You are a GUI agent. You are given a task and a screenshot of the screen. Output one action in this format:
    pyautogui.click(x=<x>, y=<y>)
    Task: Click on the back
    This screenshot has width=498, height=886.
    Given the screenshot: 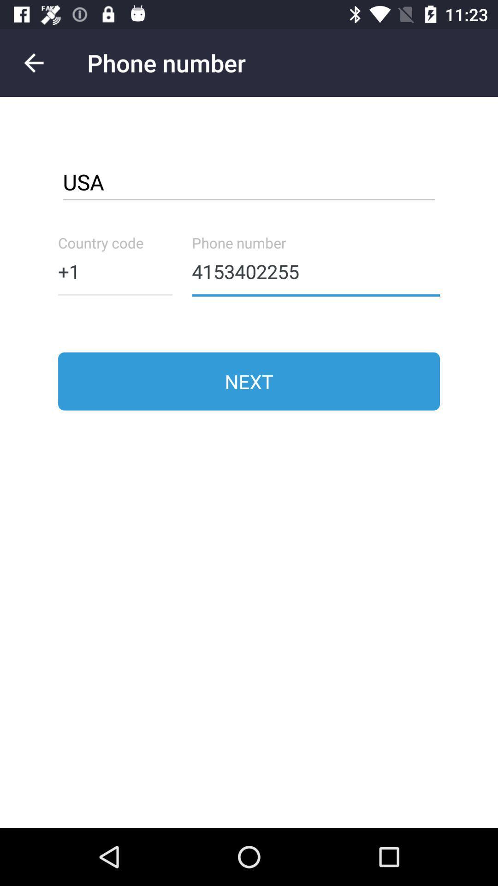 What is the action you would take?
    pyautogui.click(x=33, y=62)
    